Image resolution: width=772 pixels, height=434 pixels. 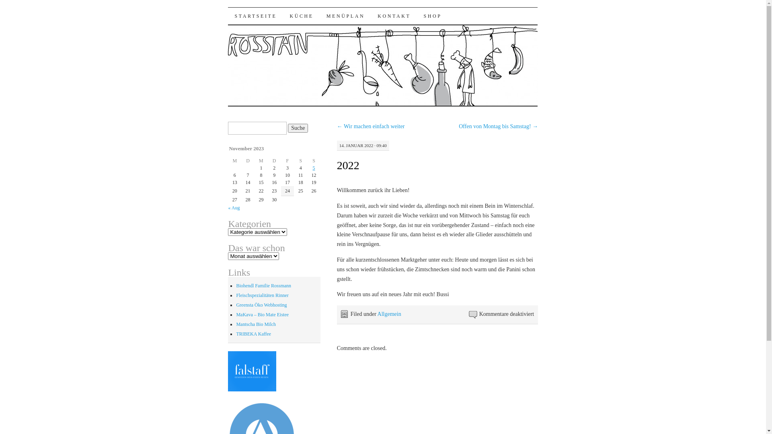 What do you see at coordinates (263, 285) in the screenshot?
I see `'Biohendl Familie Rossmann'` at bounding box center [263, 285].